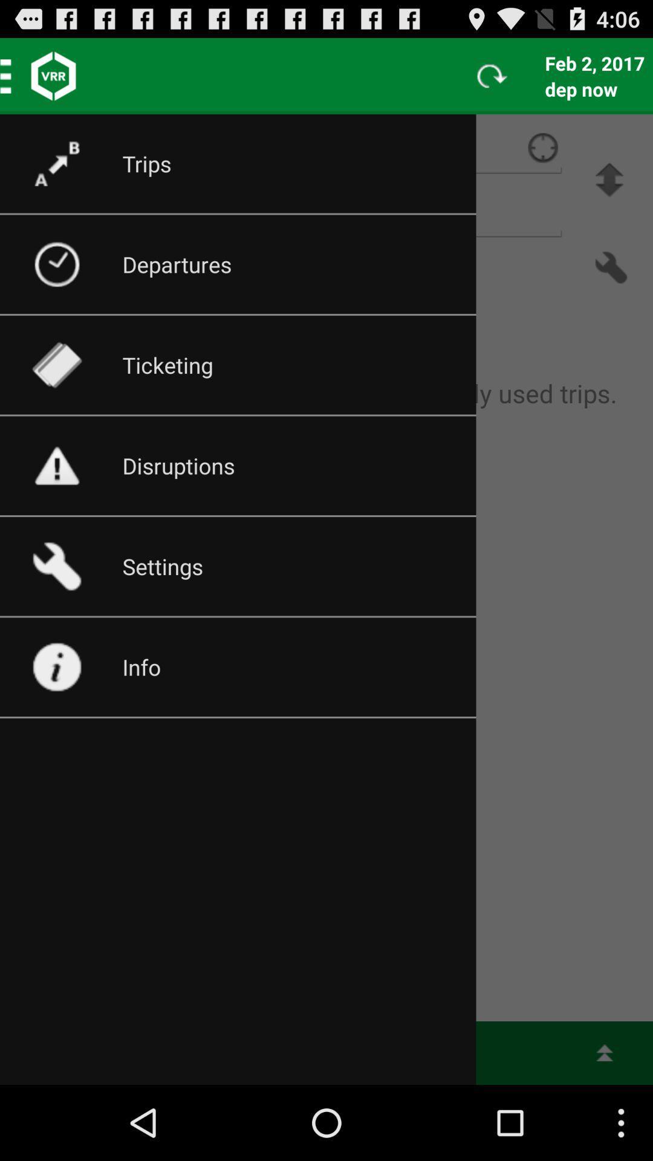 The width and height of the screenshot is (653, 1161). Describe the element at coordinates (492, 75) in the screenshot. I see `the refresh button on the web page` at that location.